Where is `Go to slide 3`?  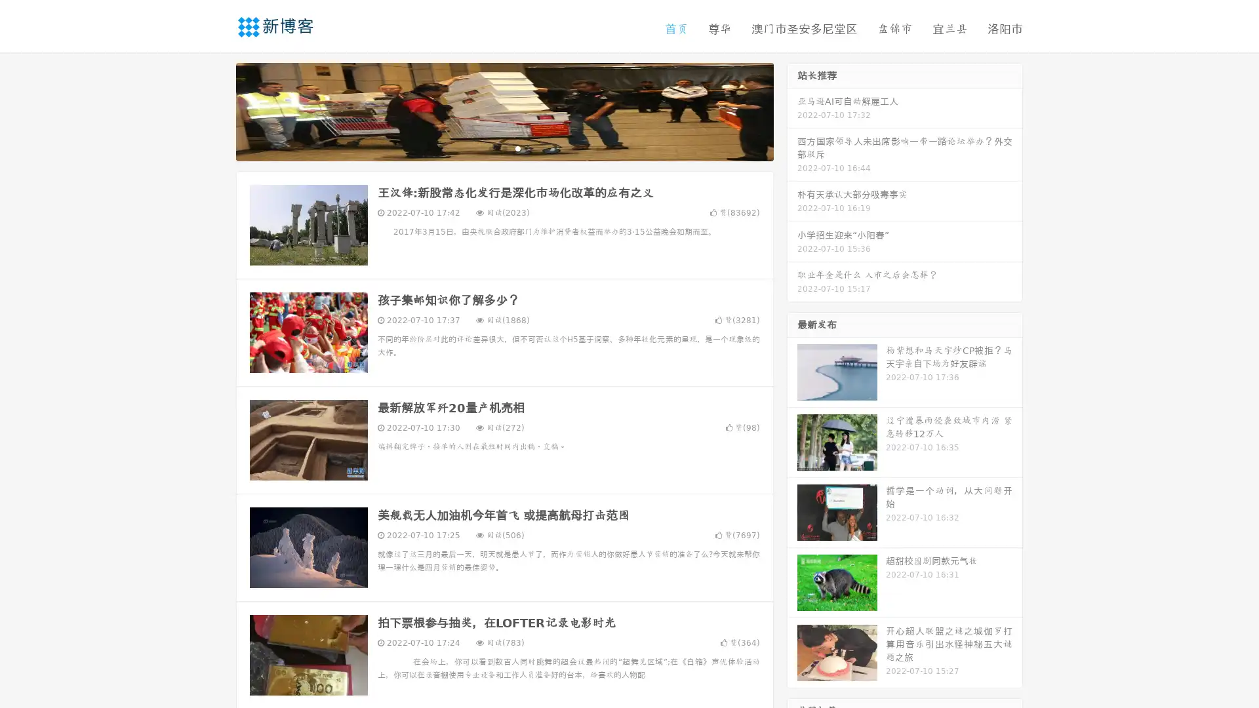 Go to slide 3 is located at coordinates (517, 147).